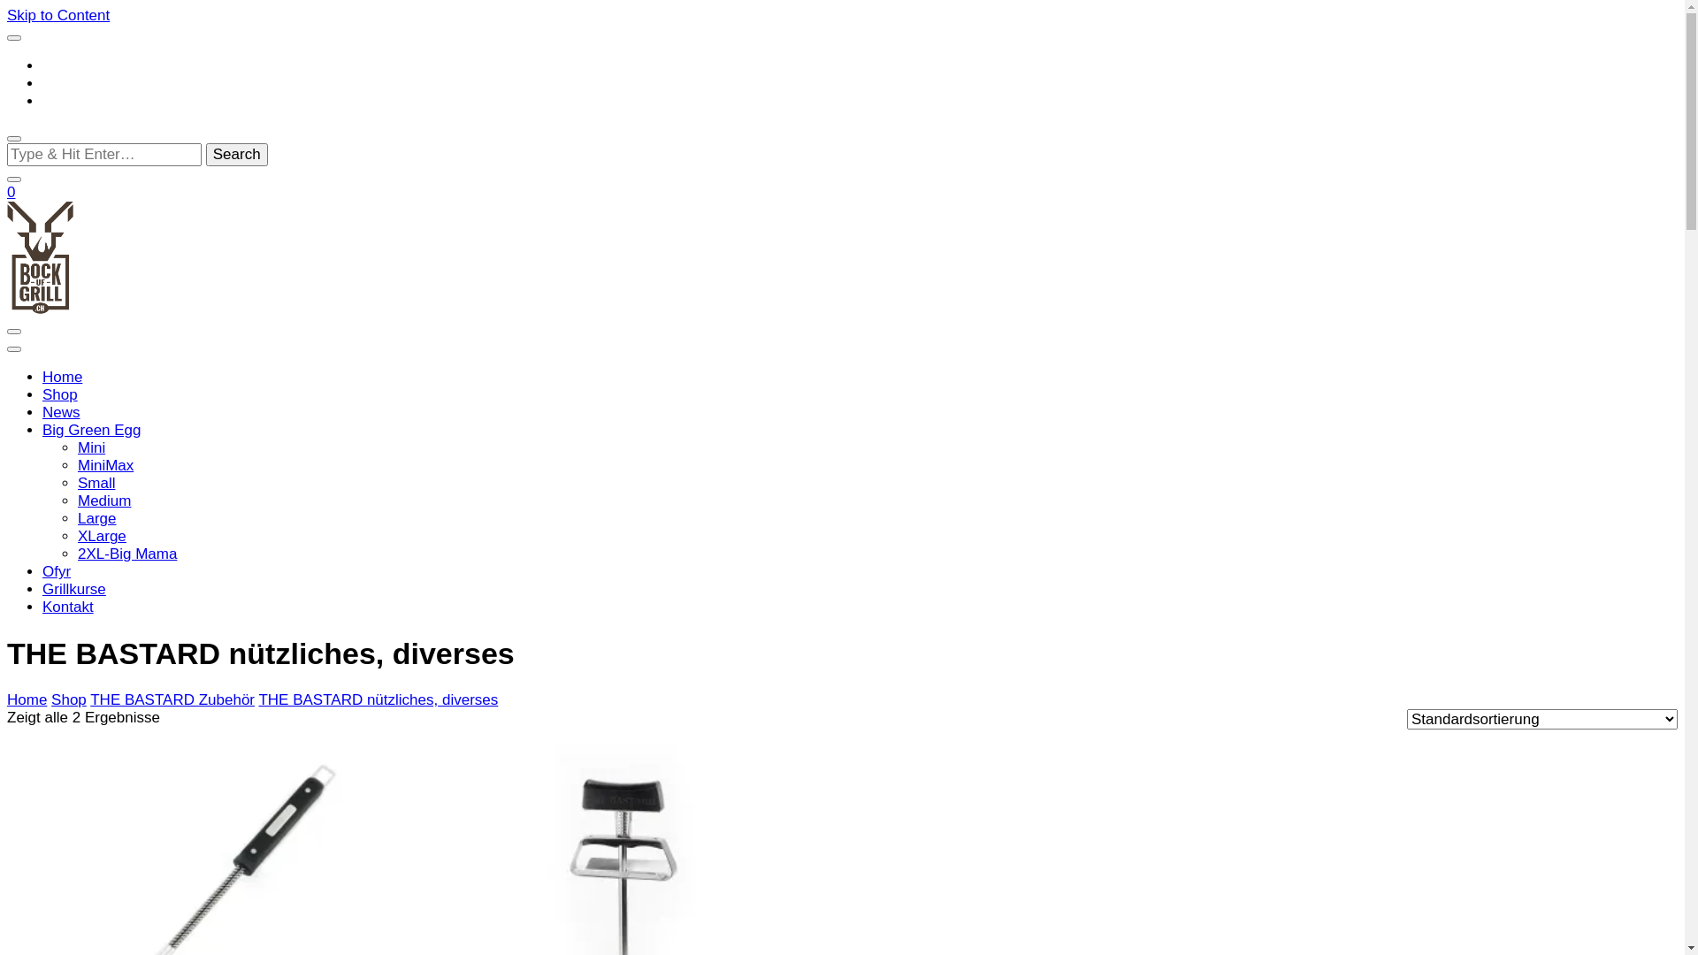 This screenshot has height=955, width=1698. Describe the element at coordinates (101, 535) in the screenshot. I see `'XLarge'` at that location.